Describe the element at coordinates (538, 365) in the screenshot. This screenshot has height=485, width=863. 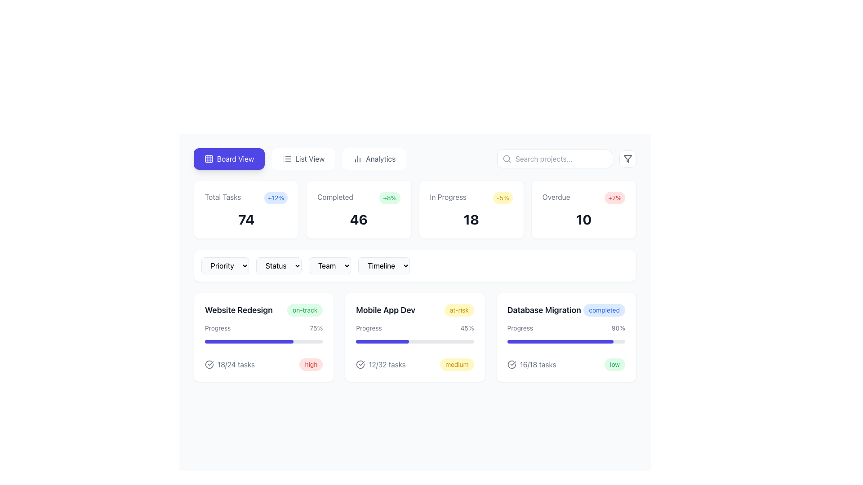
I see `the text displaying '16/18 tasks', which indicates task progress in the lower right card labeled 'Database Migration', to possibly reveal additional details or tooltips` at that location.